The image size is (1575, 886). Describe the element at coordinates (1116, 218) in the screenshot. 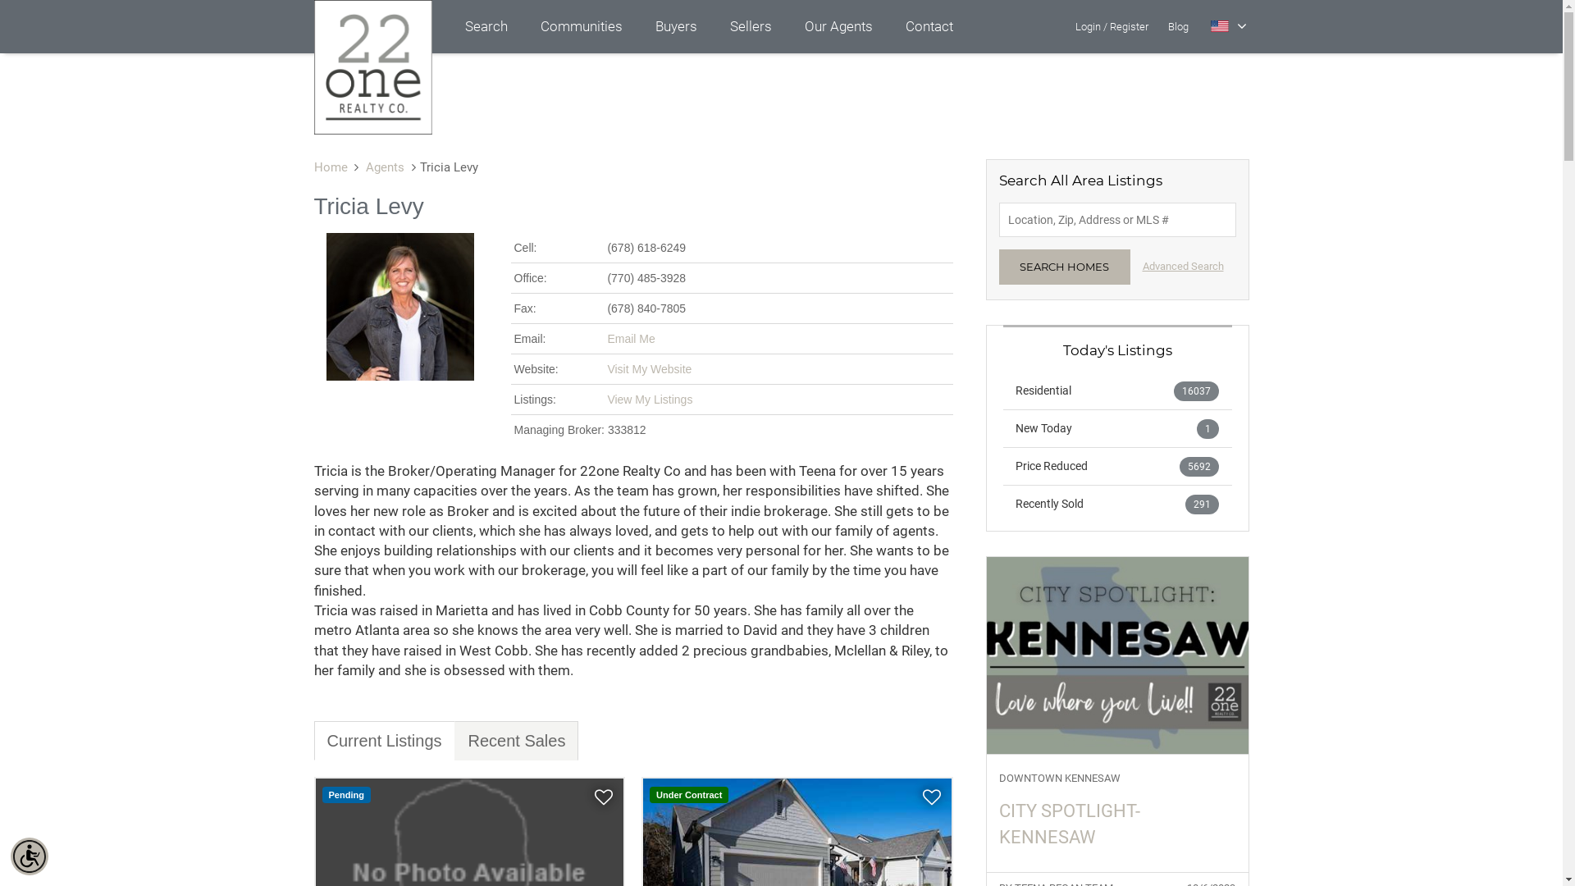

I see `'Enter Location, Zip, Address or MLS #'` at that location.